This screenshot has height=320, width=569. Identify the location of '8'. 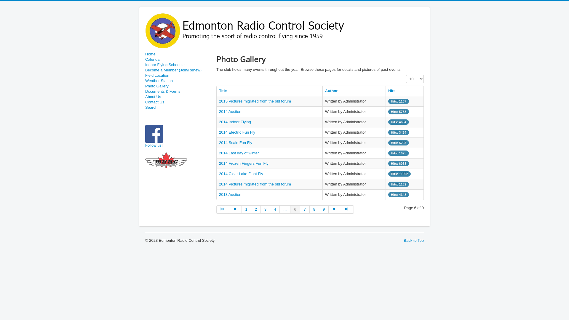
(314, 209).